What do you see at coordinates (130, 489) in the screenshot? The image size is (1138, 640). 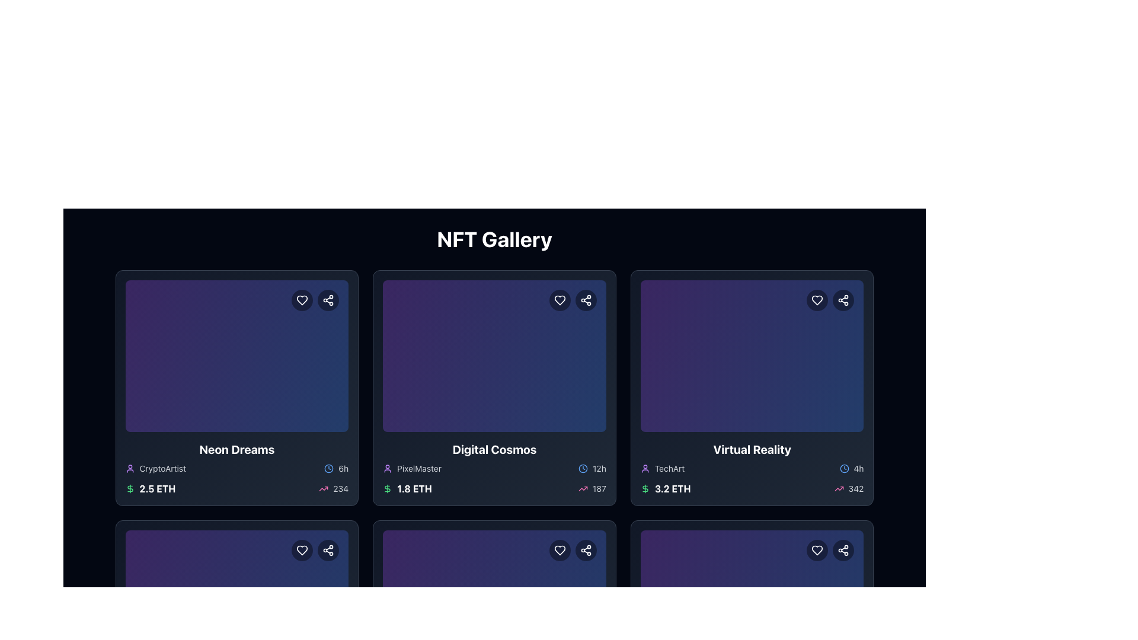 I see `the dollar sign icon, which is styled in light green and represents financial information, located in the first card of the leftmost column in the NFT gallery grid, near the text '$ 2.5 ETH'` at bounding box center [130, 489].